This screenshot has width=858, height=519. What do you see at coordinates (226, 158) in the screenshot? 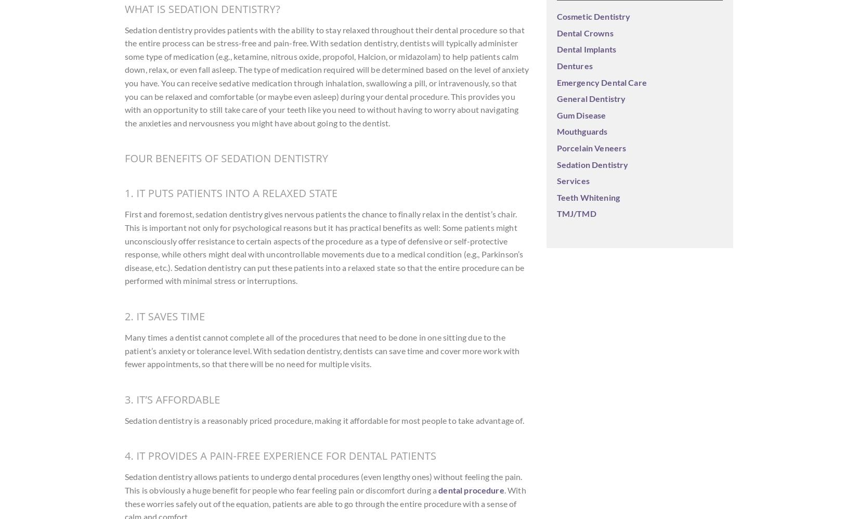
I see `'Four Benefits of Sedation Dentistry'` at bounding box center [226, 158].